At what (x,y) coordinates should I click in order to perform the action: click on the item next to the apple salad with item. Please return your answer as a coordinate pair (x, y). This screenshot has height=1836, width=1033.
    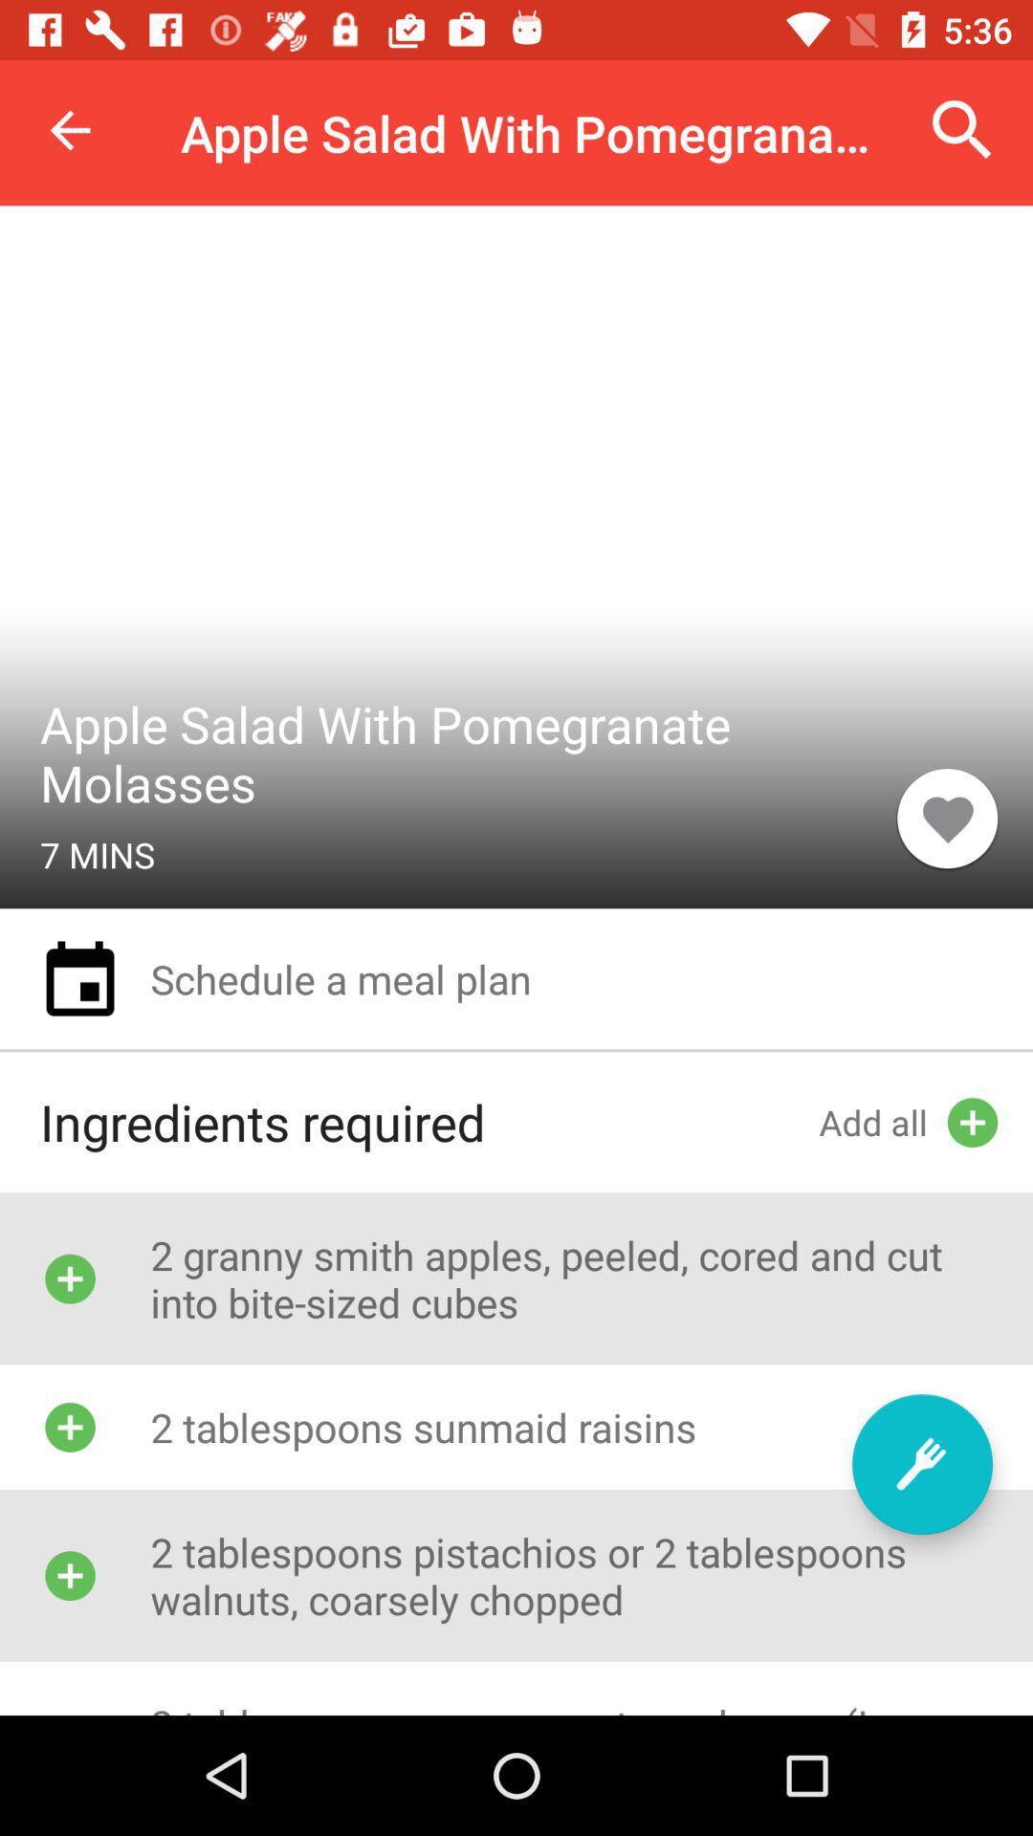
    Looking at the image, I should click on (69, 129).